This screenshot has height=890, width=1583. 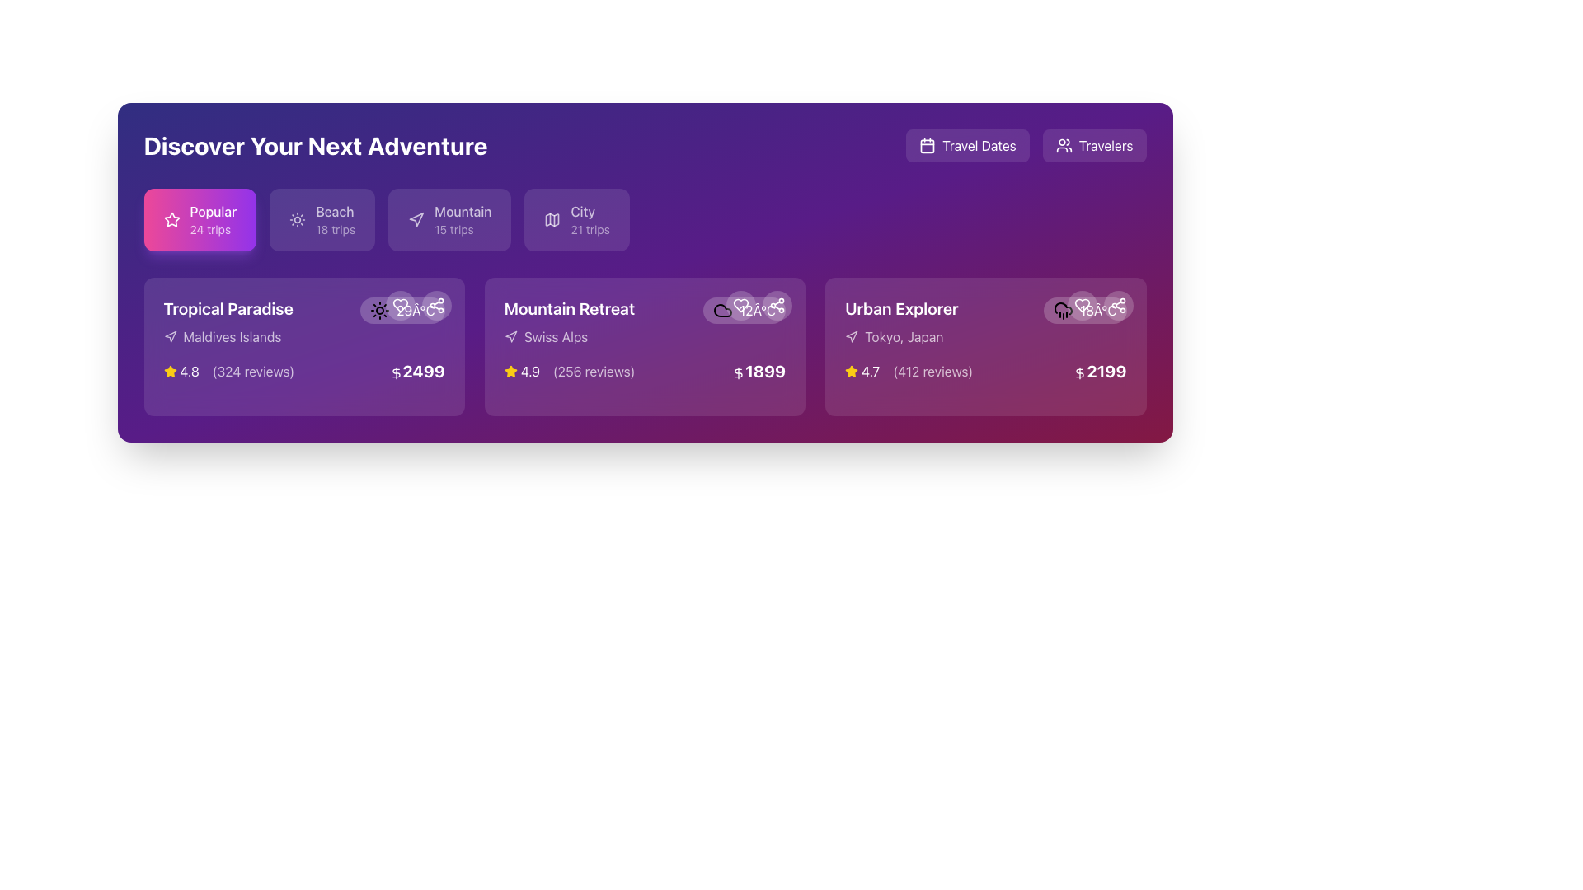 I want to click on the dollar sign icon located to the immediate left of the numerical text '2499' in the first card labeled 'Tropical Paradise', so click(x=396, y=372).